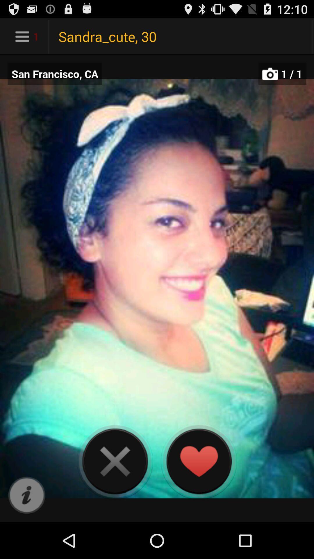  Describe the element at coordinates (198, 461) in the screenshot. I see `like the picture` at that location.